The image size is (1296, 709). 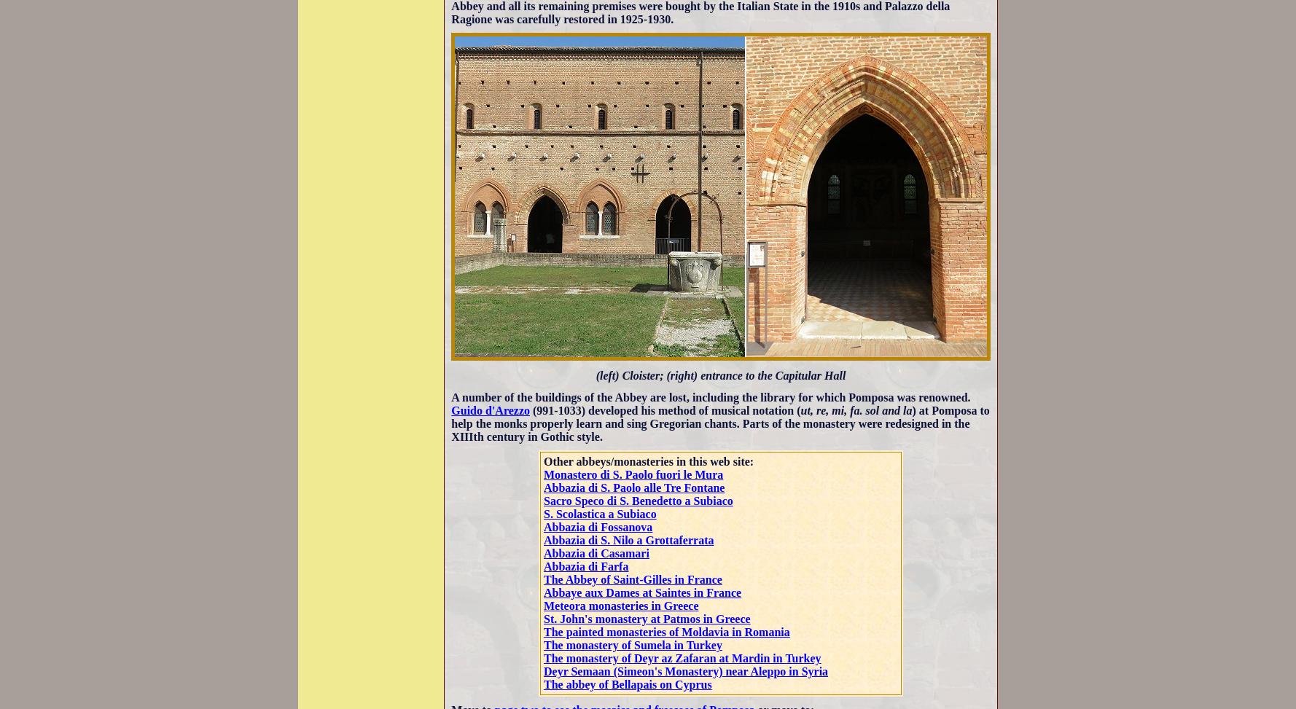 What do you see at coordinates (596, 553) in the screenshot?
I see `'Abbazia di Casamari'` at bounding box center [596, 553].